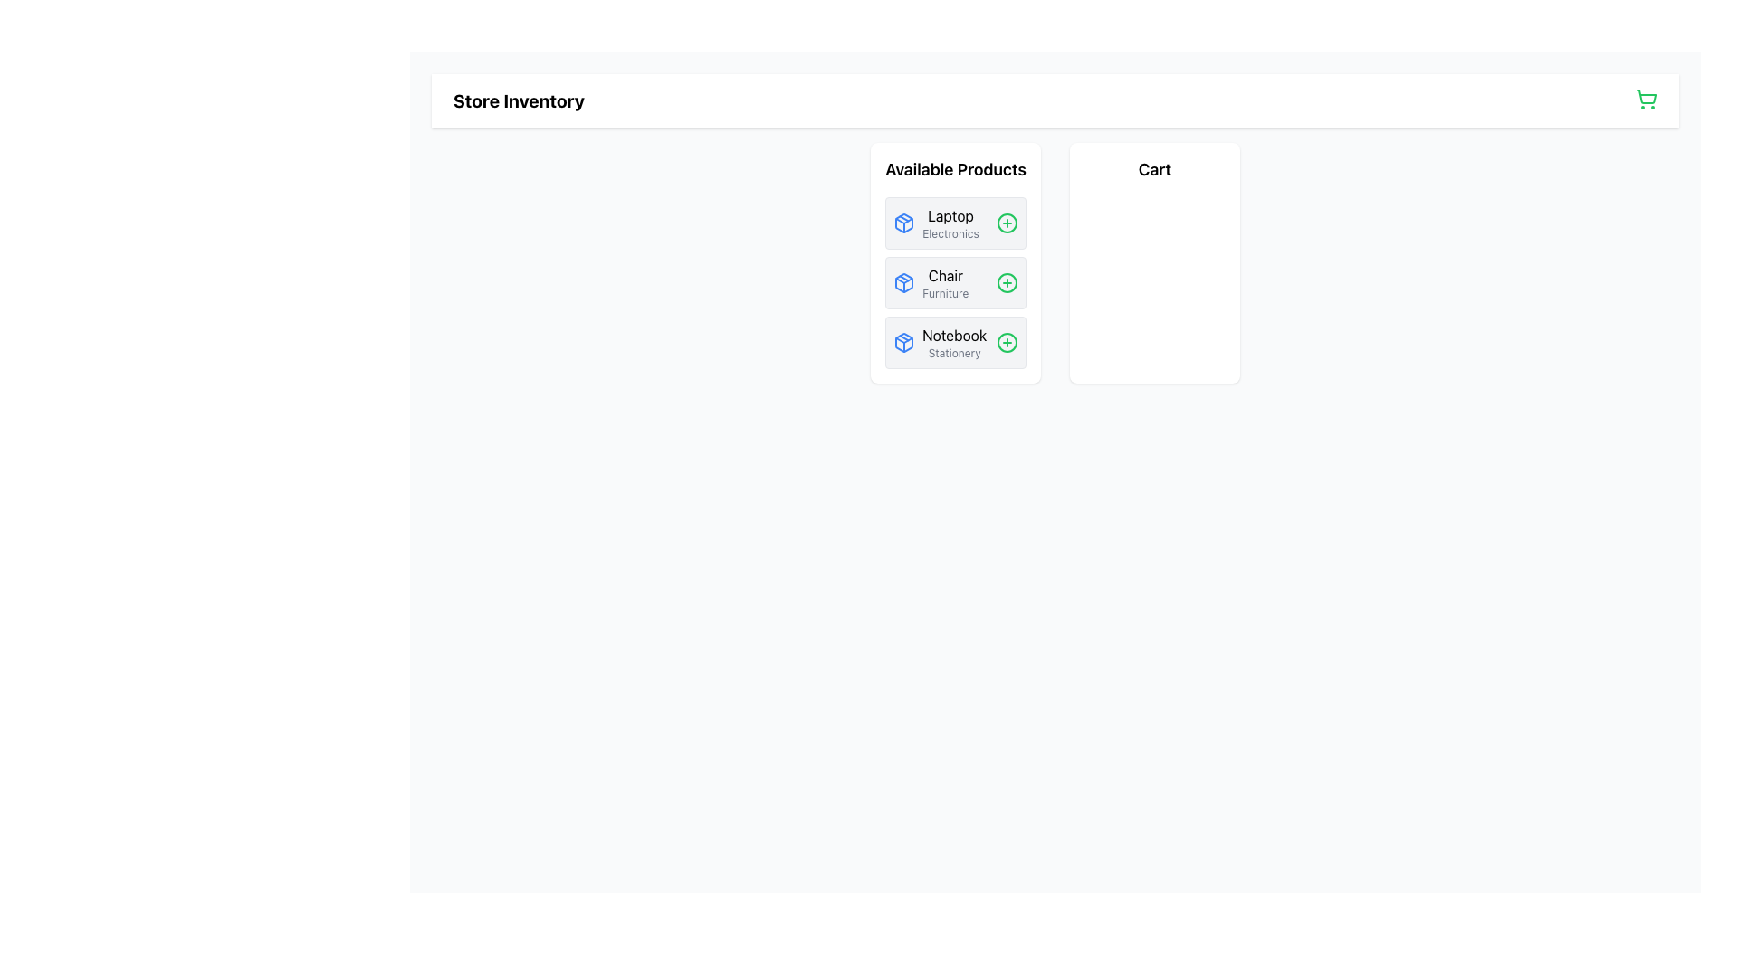  What do you see at coordinates (518, 100) in the screenshot?
I see `the static text element that indicates the title 'Store Inventory'` at bounding box center [518, 100].